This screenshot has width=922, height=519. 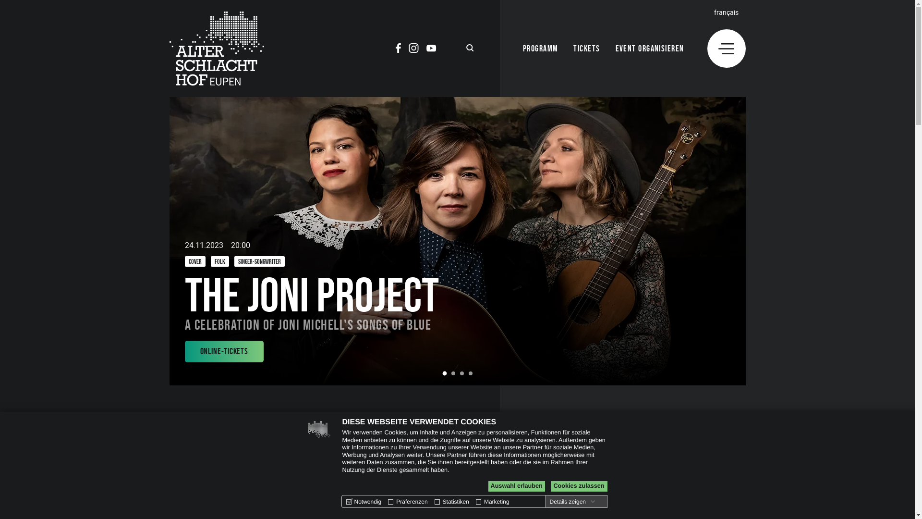 What do you see at coordinates (586, 49) in the screenshot?
I see `'TICKETS'` at bounding box center [586, 49].